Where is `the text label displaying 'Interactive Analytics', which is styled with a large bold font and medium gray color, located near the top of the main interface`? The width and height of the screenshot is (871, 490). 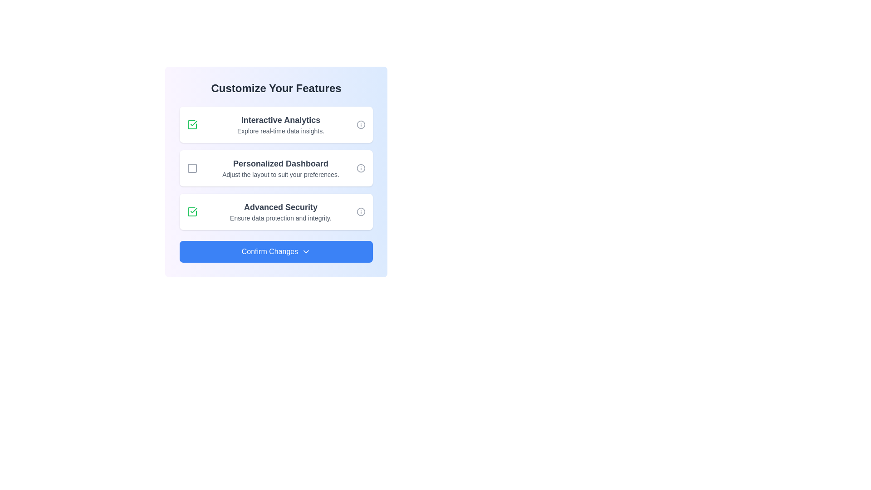 the text label displaying 'Interactive Analytics', which is styled with a large bold font and medium gray color, located near the top of the main interface is located at coordinates (280, 120).